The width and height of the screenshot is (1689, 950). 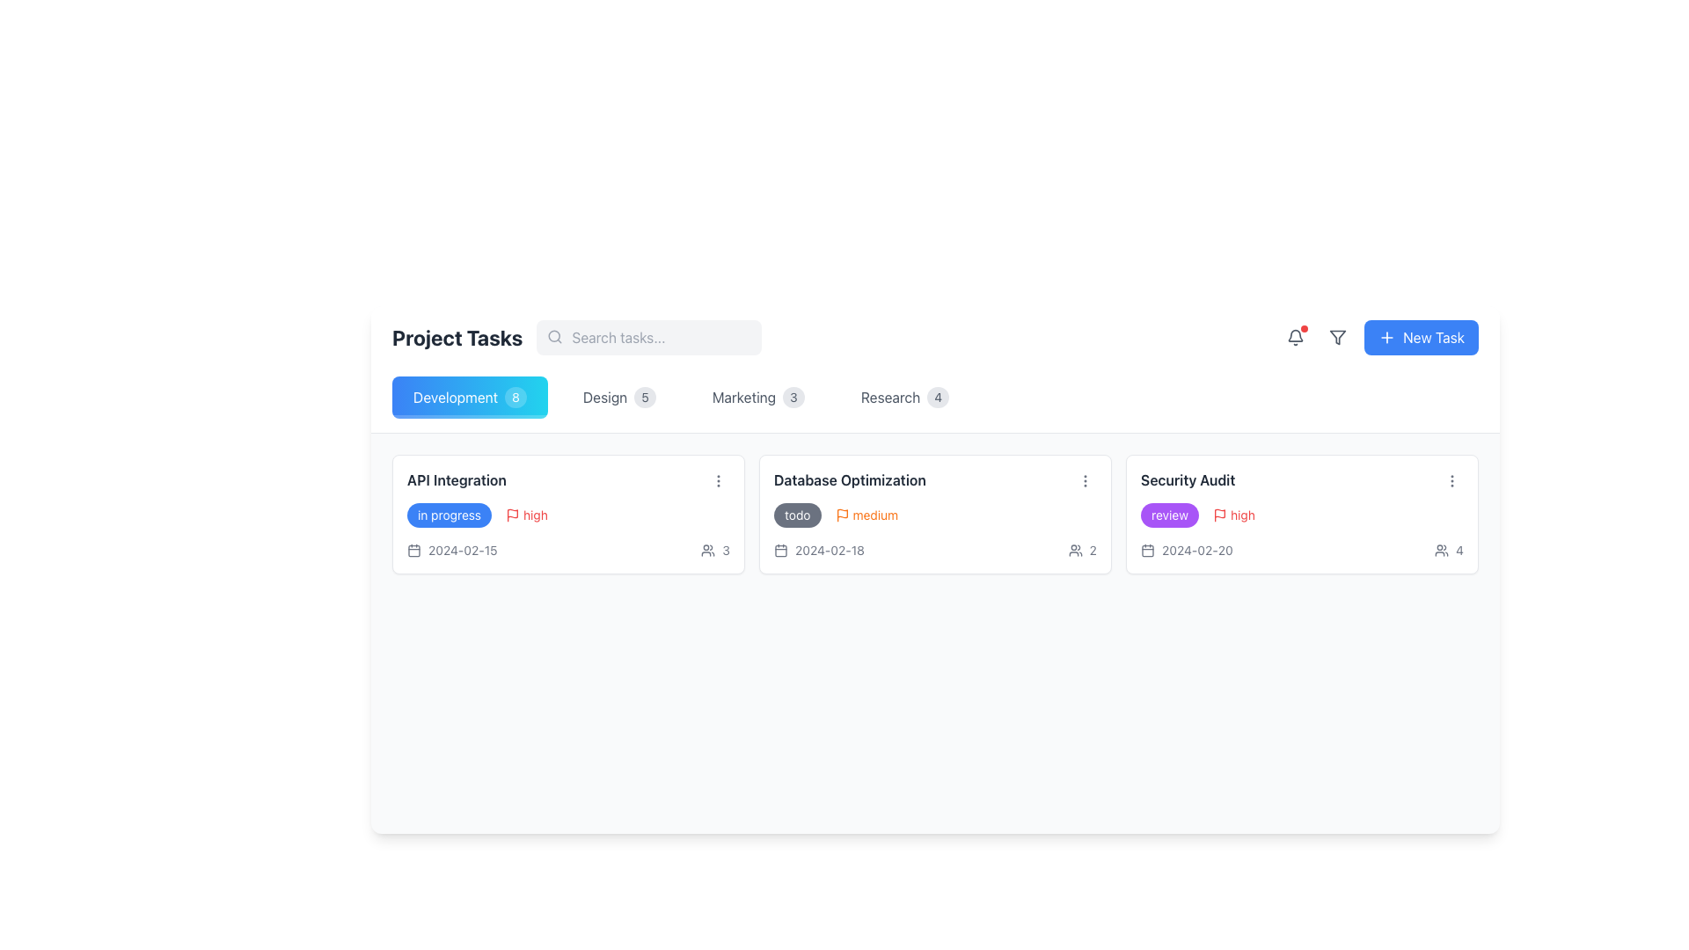 I want to click on the vertically-aligned ellipsis icon located in the upper-right corner of the 'Database Optimization' card, so click(x=718, y=481).